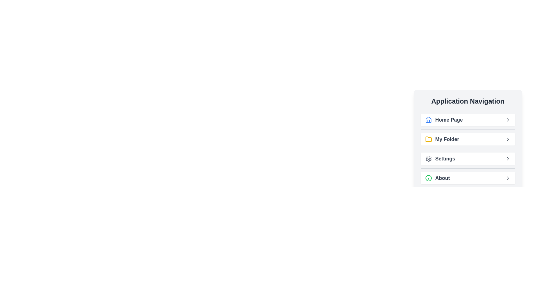 Image resolution: width=540 pixels, height=304 pixels. I want to click on the 'Settings' text label in the navigation panel, so click(445, 158).